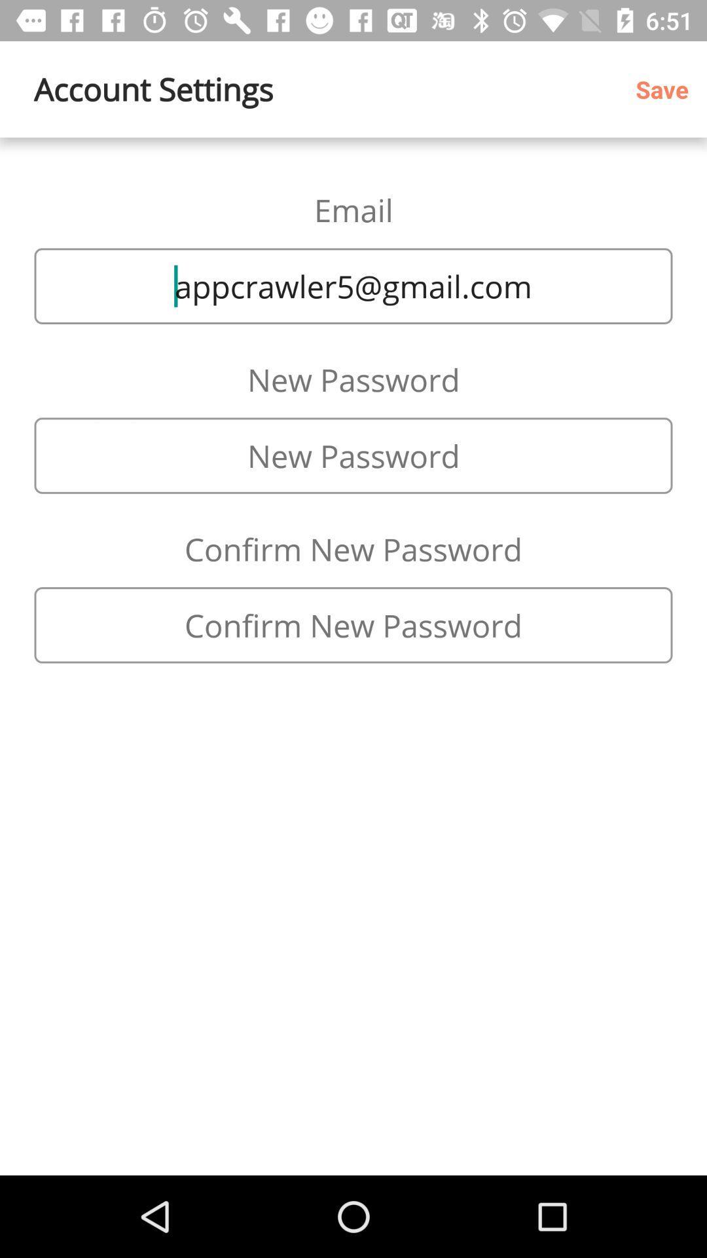 The width and height of the screenshot is (707, 1258). I want to click on icon next to account settings item, so click(666, 88).